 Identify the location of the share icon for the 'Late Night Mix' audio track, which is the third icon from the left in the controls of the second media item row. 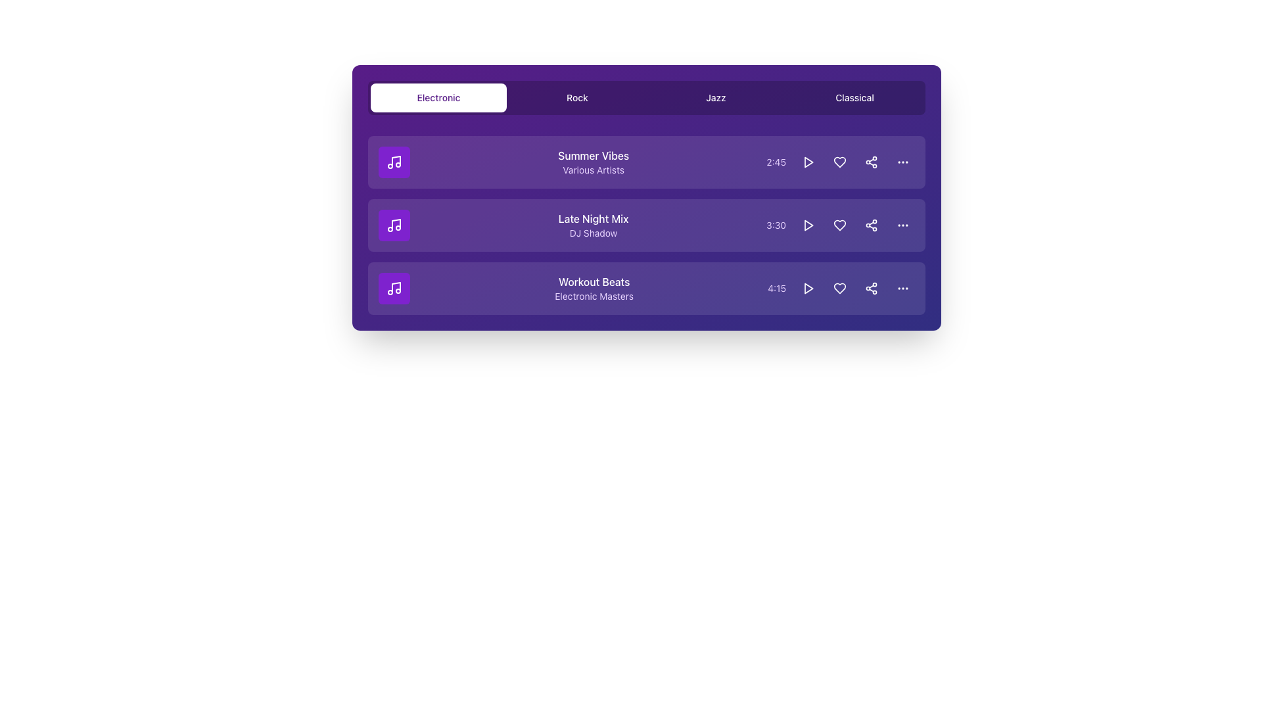
(871, 225).